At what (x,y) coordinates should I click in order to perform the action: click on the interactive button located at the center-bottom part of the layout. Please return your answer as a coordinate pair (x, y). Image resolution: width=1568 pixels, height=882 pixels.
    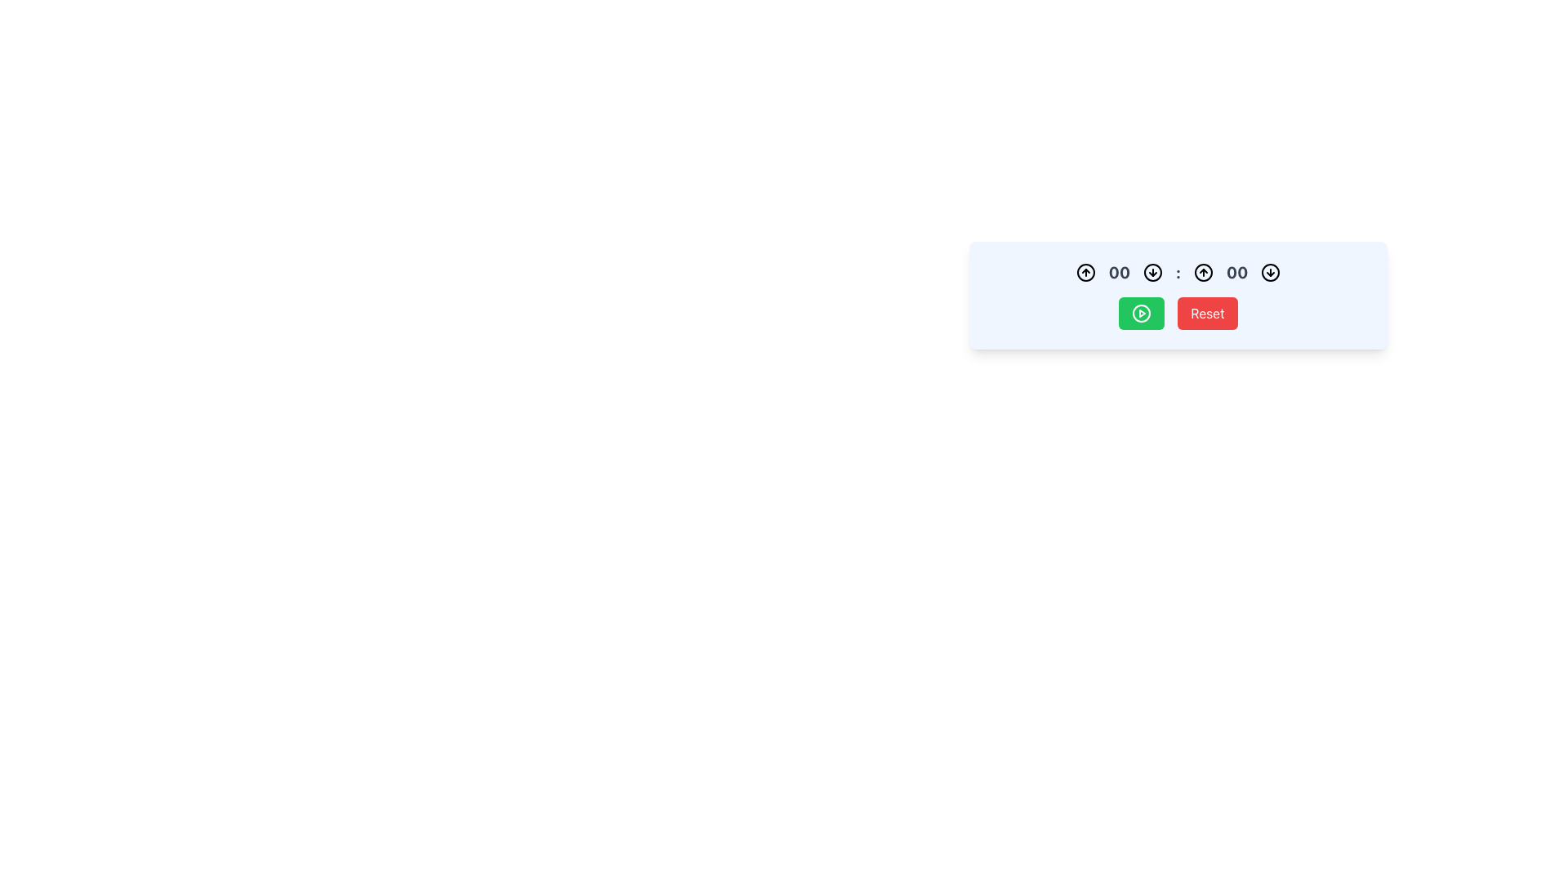
    Looking at the image, I should click on (1141, 314).